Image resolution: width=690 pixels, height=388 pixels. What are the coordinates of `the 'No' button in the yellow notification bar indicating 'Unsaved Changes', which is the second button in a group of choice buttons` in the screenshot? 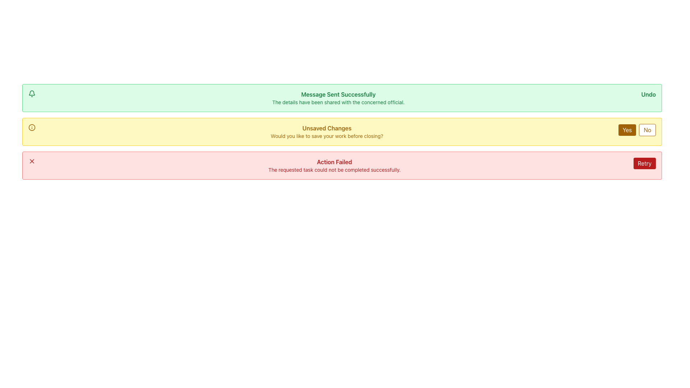 It's located at (647, 130).